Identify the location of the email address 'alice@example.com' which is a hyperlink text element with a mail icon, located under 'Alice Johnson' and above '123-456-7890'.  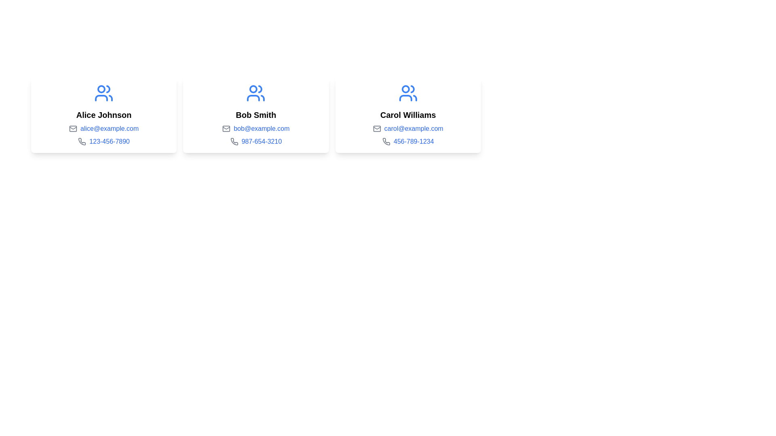
(103, 128).